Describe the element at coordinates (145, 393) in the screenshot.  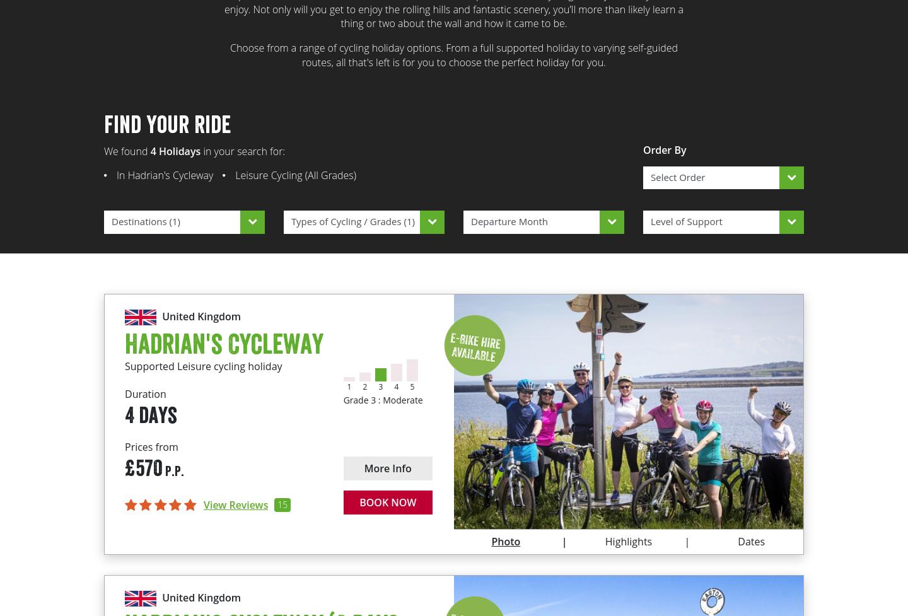
I see `'Duration'` at that location.